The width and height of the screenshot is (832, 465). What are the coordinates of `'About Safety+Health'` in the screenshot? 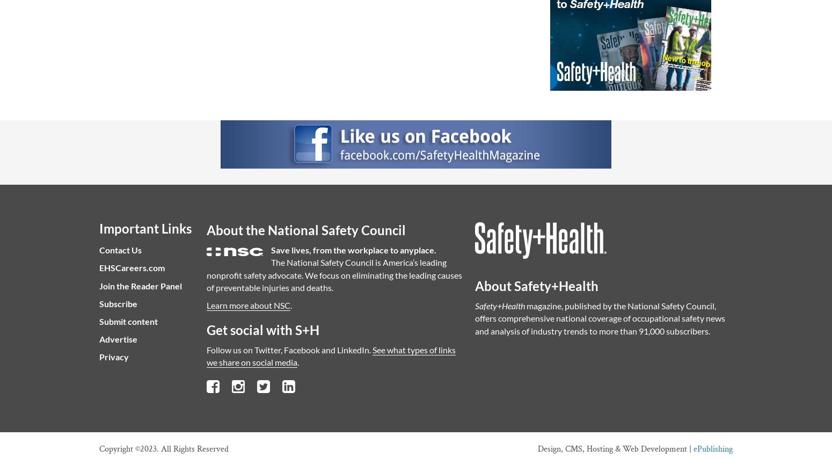 It's located at (475, 286).